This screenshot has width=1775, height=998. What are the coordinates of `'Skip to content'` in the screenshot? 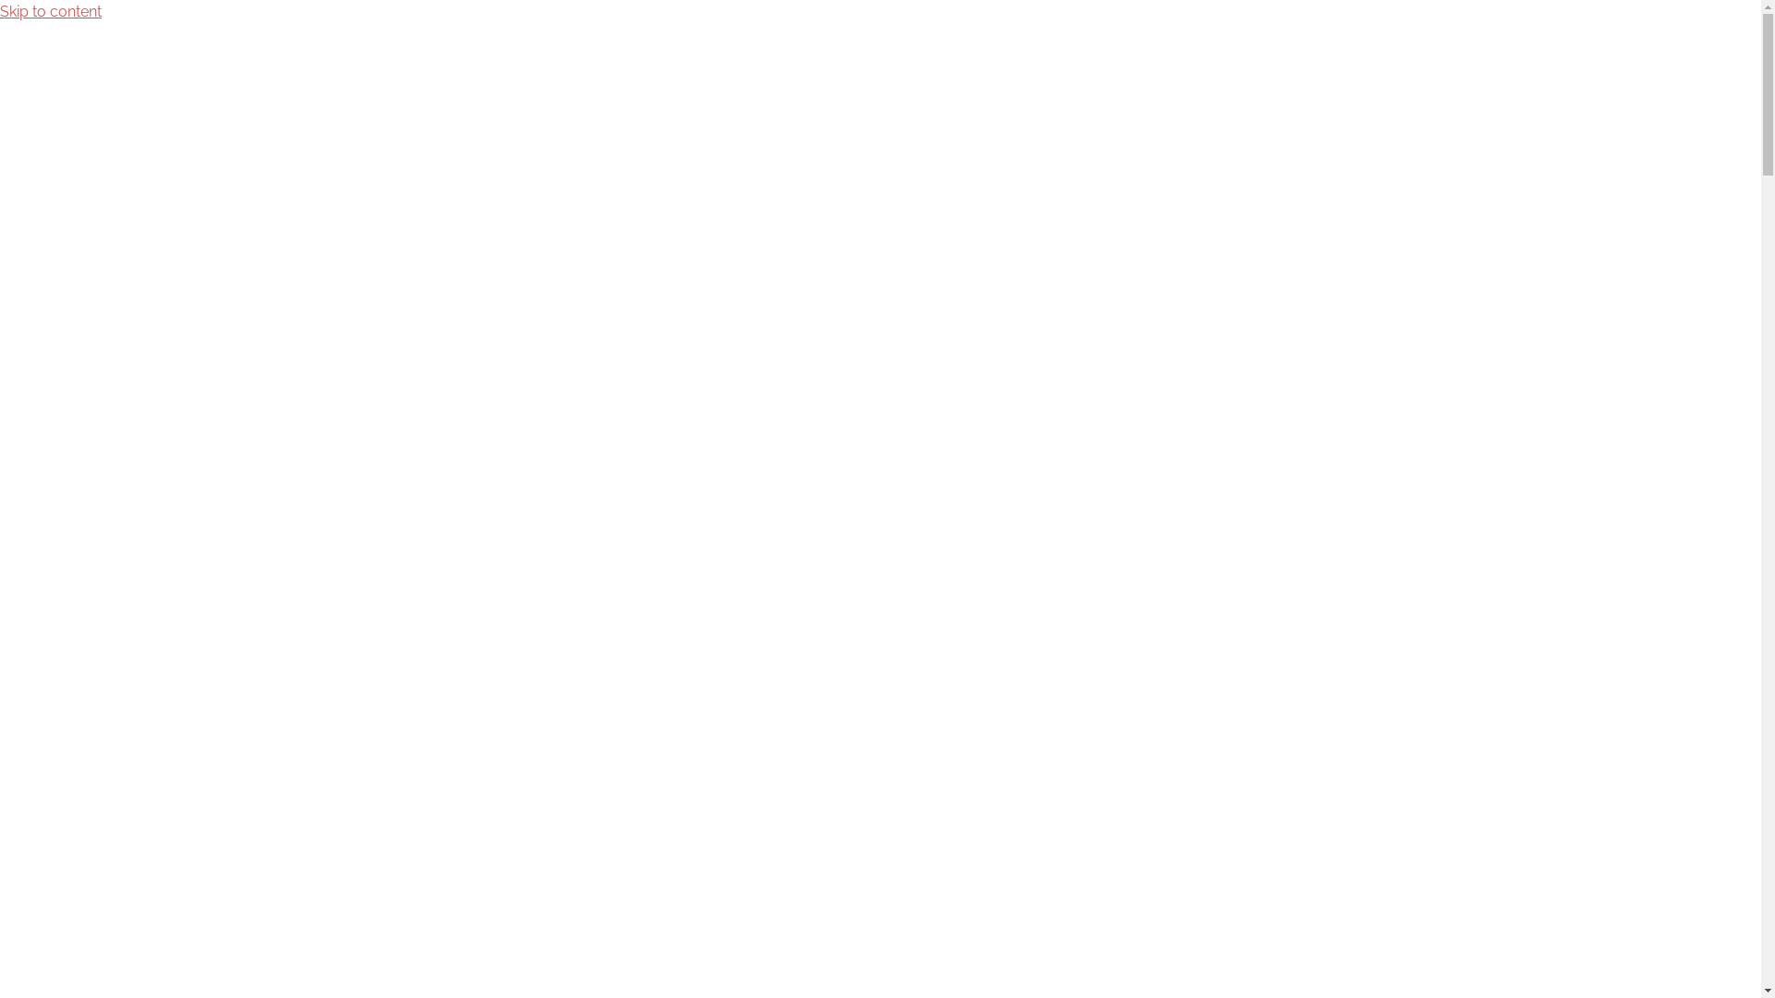 It's located at (50, 11).